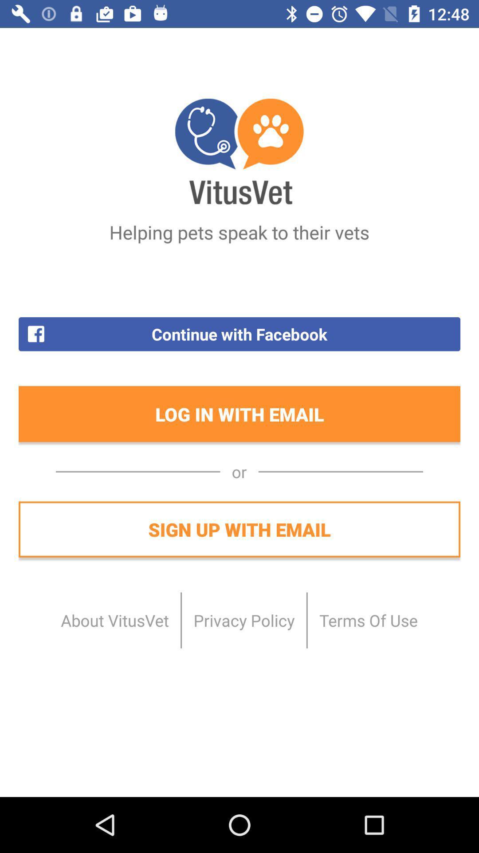 Image resolution: width=479 pixels, height=853 pixels. Describe the element at coordinates (239, 414) in the screenshot. I see `item above the or item` at that location.